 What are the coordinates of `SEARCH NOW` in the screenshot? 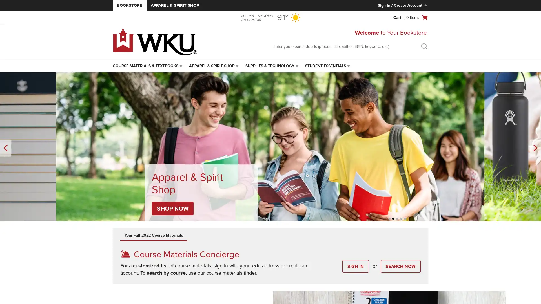 It's located at (400, 266).